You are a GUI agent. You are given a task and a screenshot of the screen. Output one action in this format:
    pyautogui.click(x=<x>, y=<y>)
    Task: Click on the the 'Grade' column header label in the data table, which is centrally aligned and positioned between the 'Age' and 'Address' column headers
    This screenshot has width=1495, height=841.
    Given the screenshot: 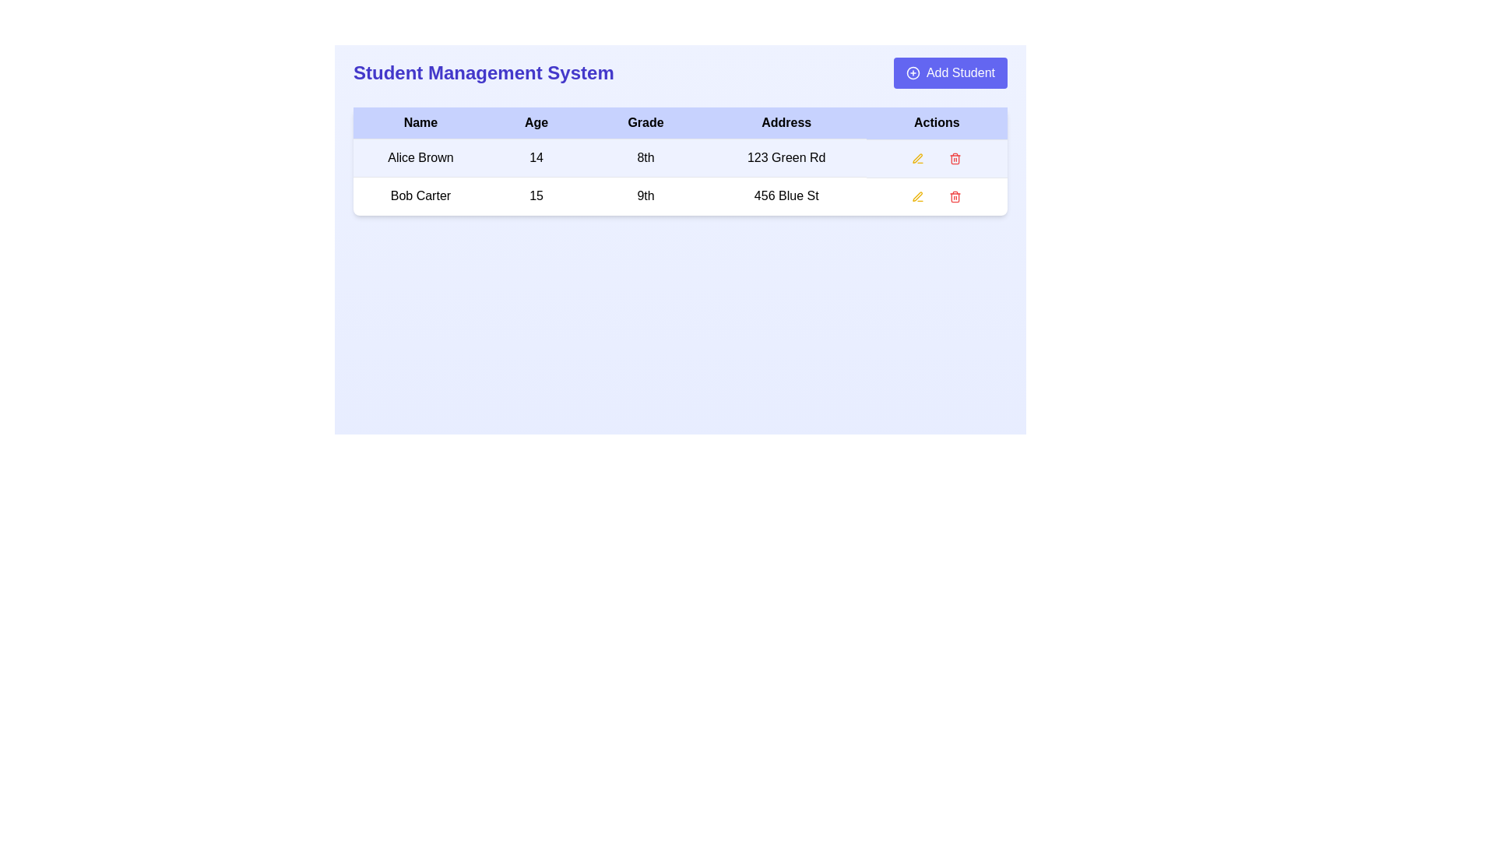 What is the action you would take?
    pyautogui.click(x=645, y=122)
    